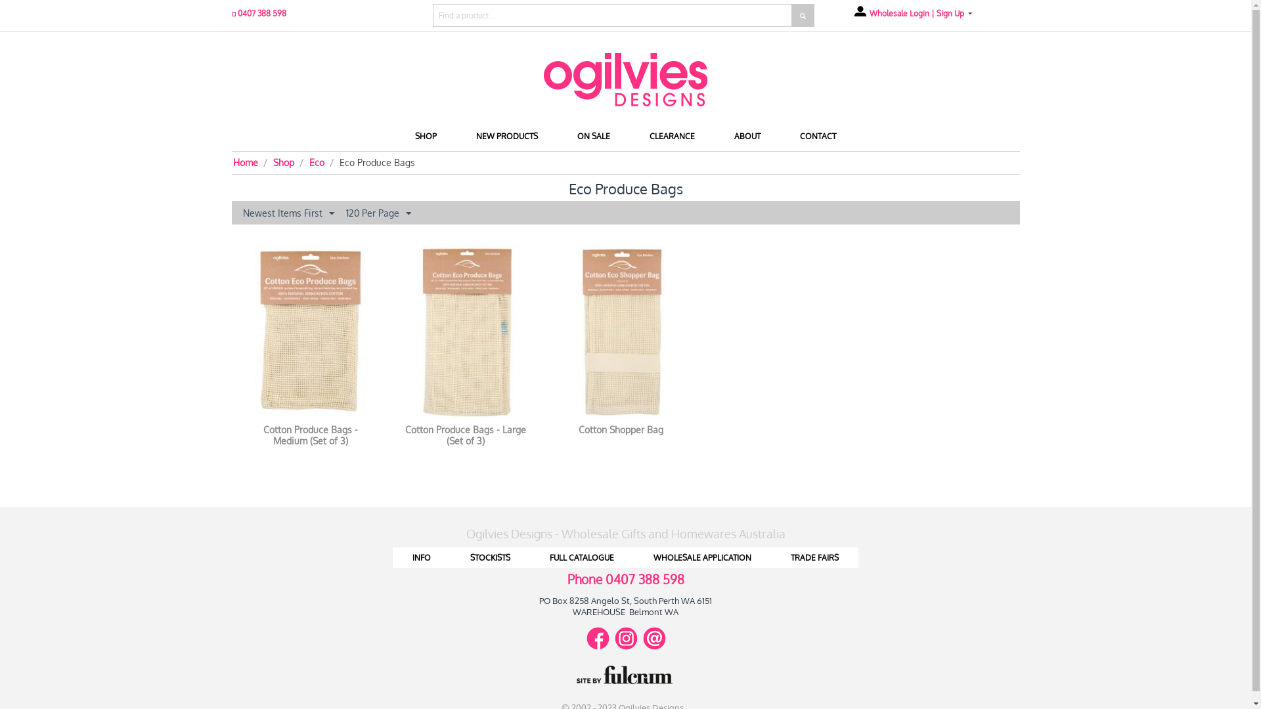 This screenshot has height=709, width=1261. Describe the element at coordinates (392, 557) in the screenshot. I see `'INFO'` at that location.